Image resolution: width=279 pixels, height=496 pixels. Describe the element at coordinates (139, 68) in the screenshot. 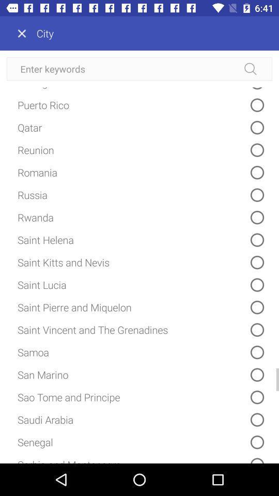

I see `the item above the portugal item` at that location.